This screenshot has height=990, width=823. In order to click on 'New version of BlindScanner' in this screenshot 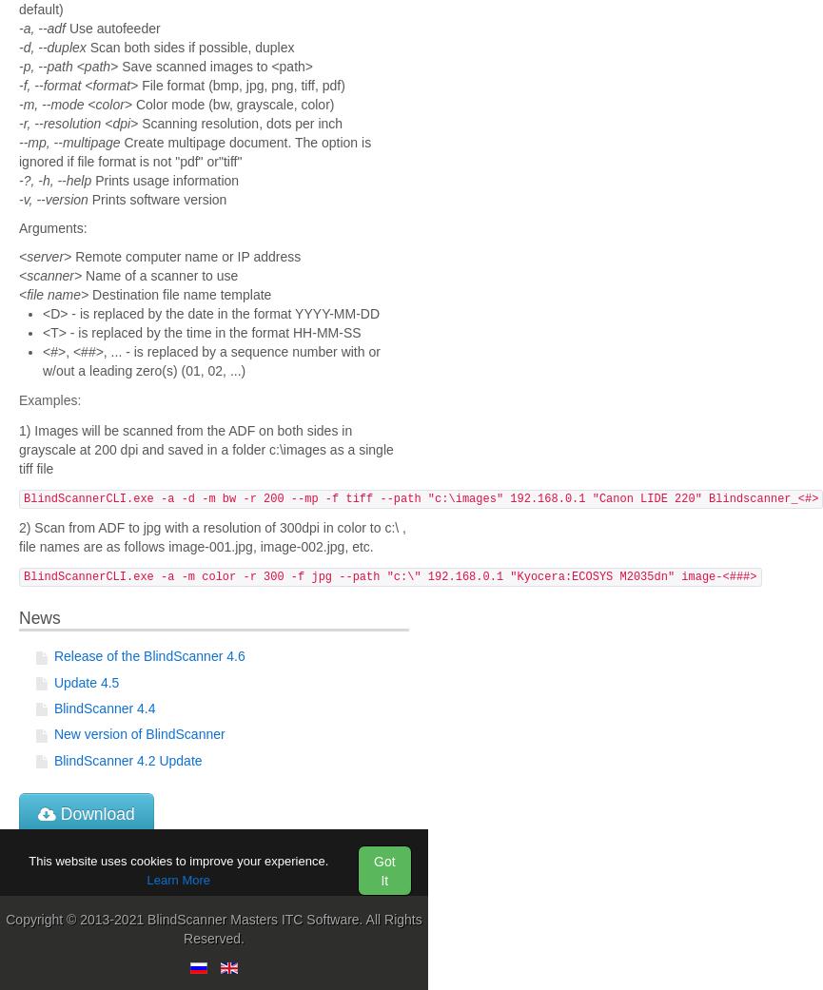, I will do `click(137, 734)`.